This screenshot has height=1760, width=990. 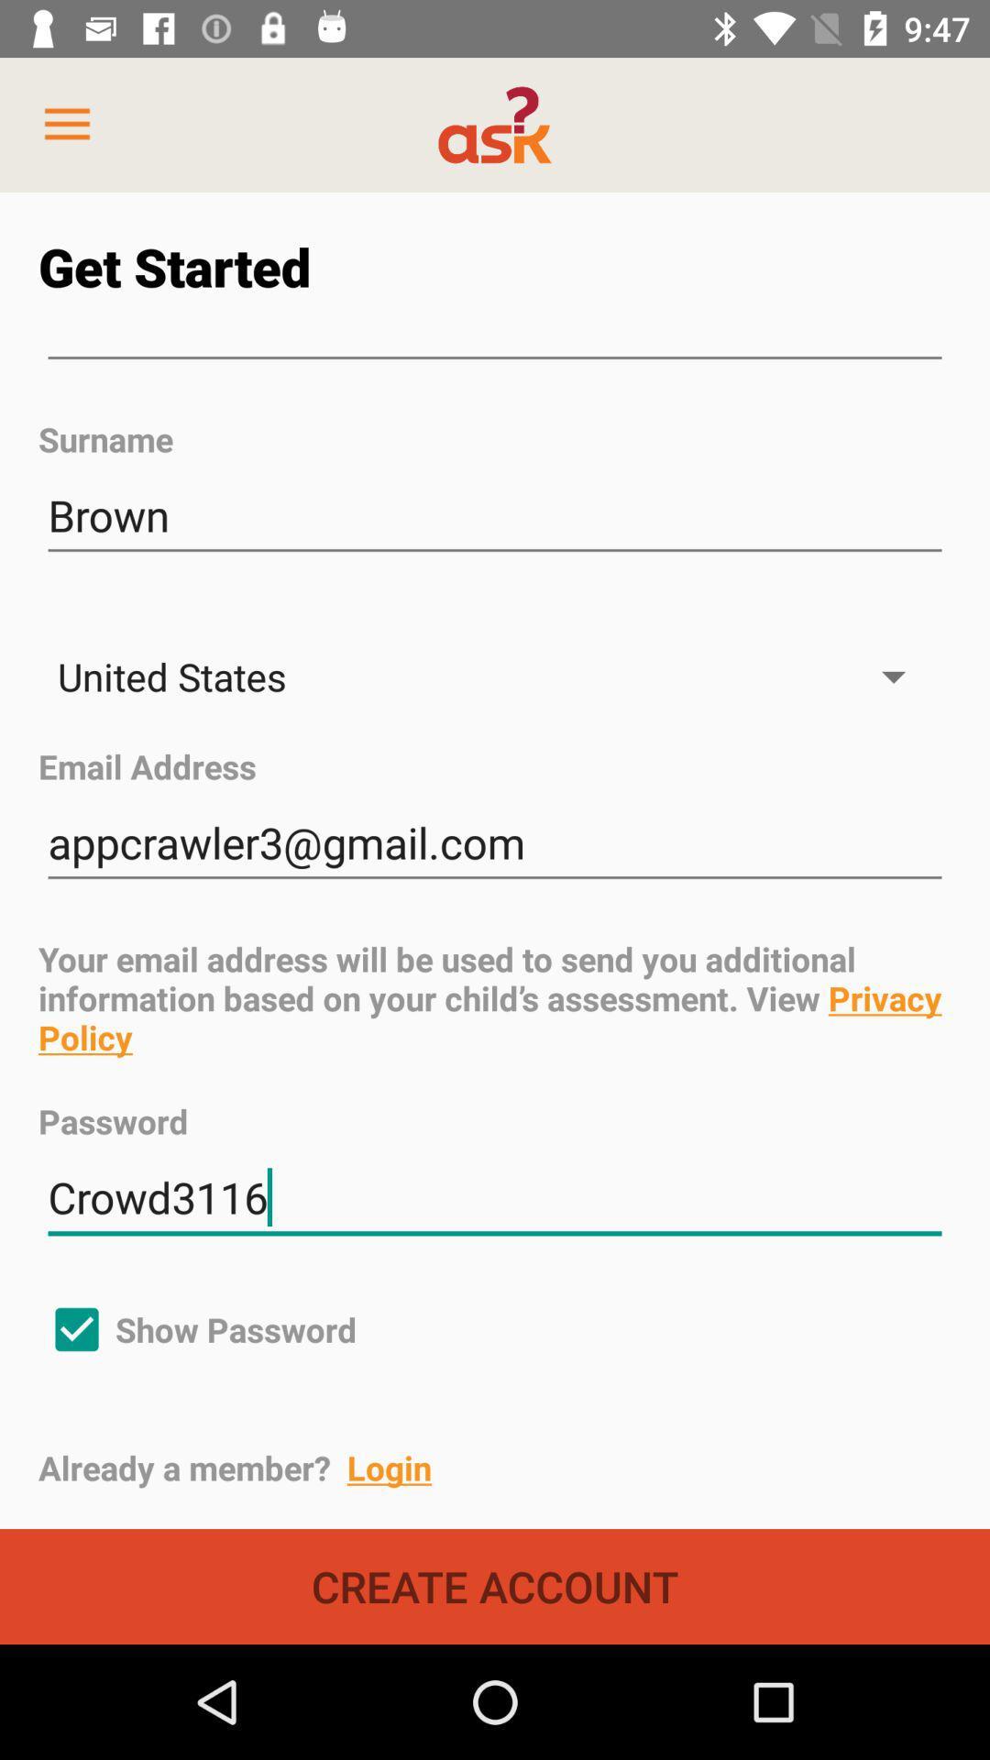 What do you see at coordinates (495, 1198) in the screenshot?
I see `the icon below the password` at bounding box center [495, 1198].